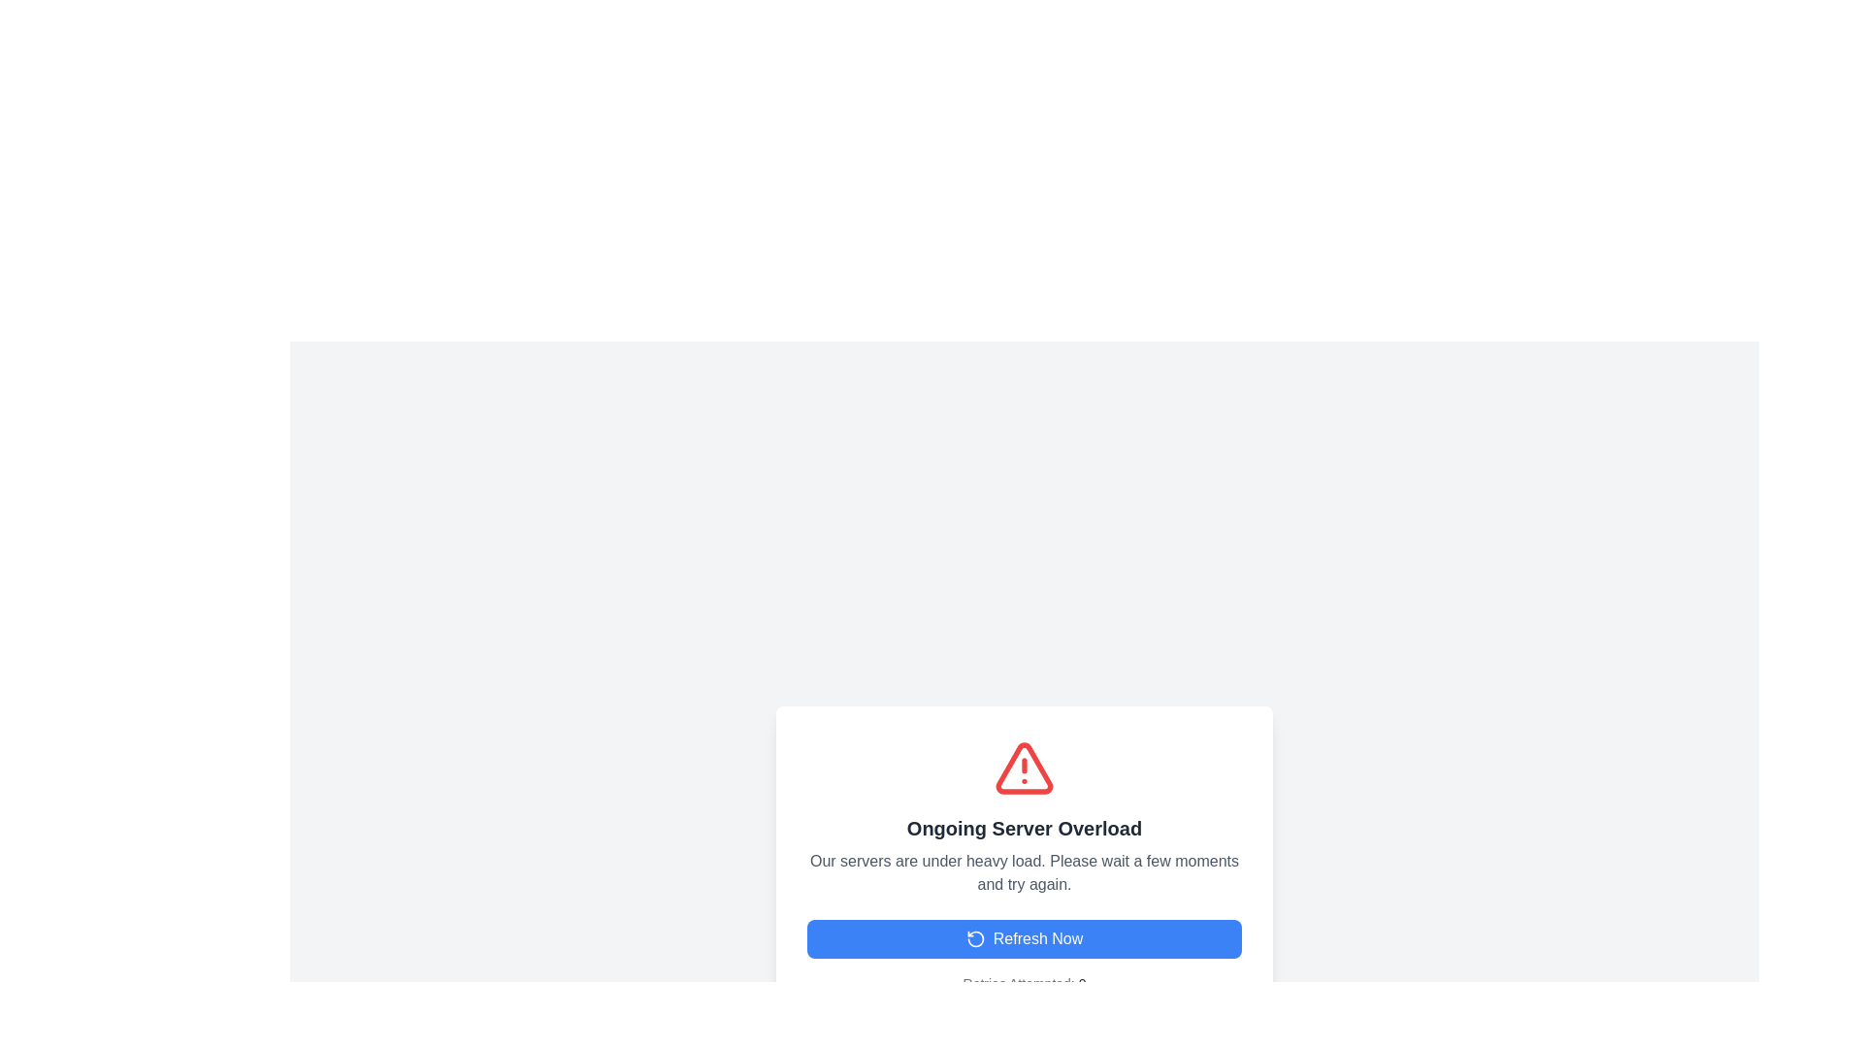 This screenshot has width=1863, height=1048. Describe the element at coordinates (1081, 984) in the screenshot. I see `the numeral '0' in the text line 'Retries Attempted: 0', which is styled with a medium-weight font and gray color, located at the bottom center of the dialog interface` at that location.